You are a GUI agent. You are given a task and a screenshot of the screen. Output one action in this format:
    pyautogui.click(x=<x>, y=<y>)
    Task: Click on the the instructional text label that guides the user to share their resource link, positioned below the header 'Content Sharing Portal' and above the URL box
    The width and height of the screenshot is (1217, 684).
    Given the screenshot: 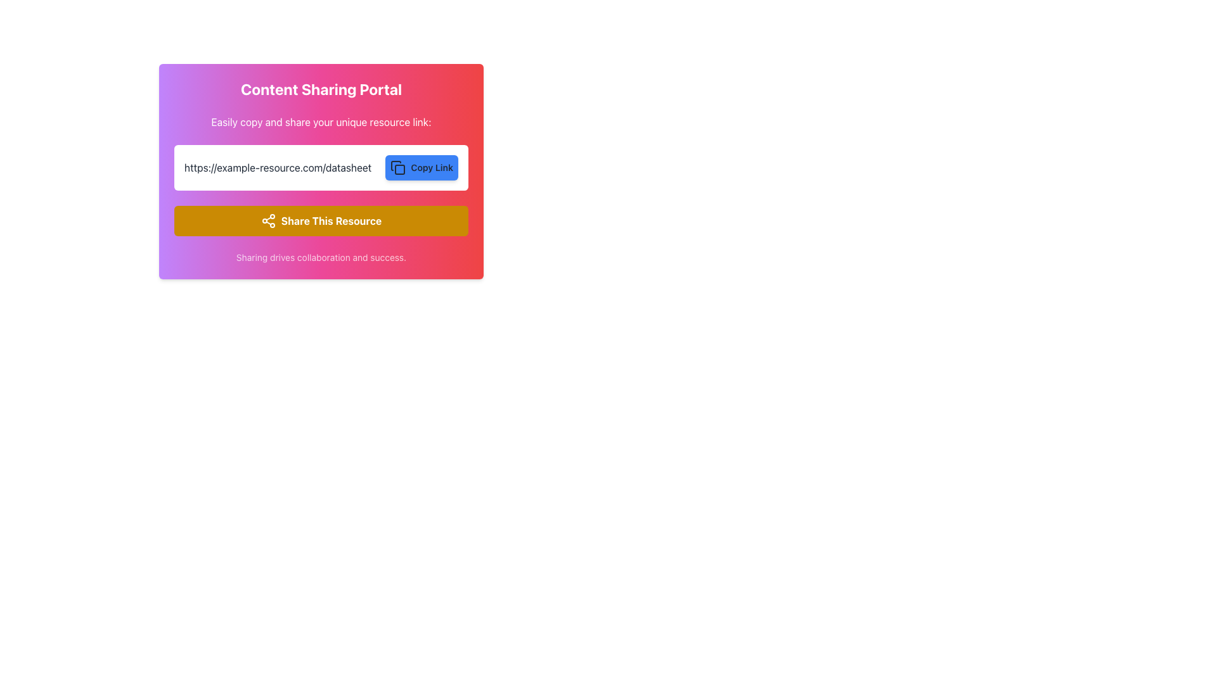 What is the action you would take?
    pyautogui.click(x=321, y=122)
    